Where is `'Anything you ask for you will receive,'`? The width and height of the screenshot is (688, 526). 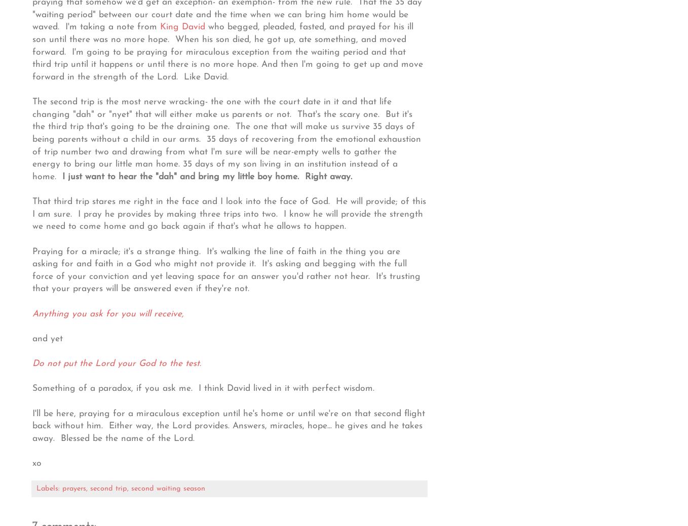
'Anything you ask for you will receive,' is located at coordinates (107, 313).